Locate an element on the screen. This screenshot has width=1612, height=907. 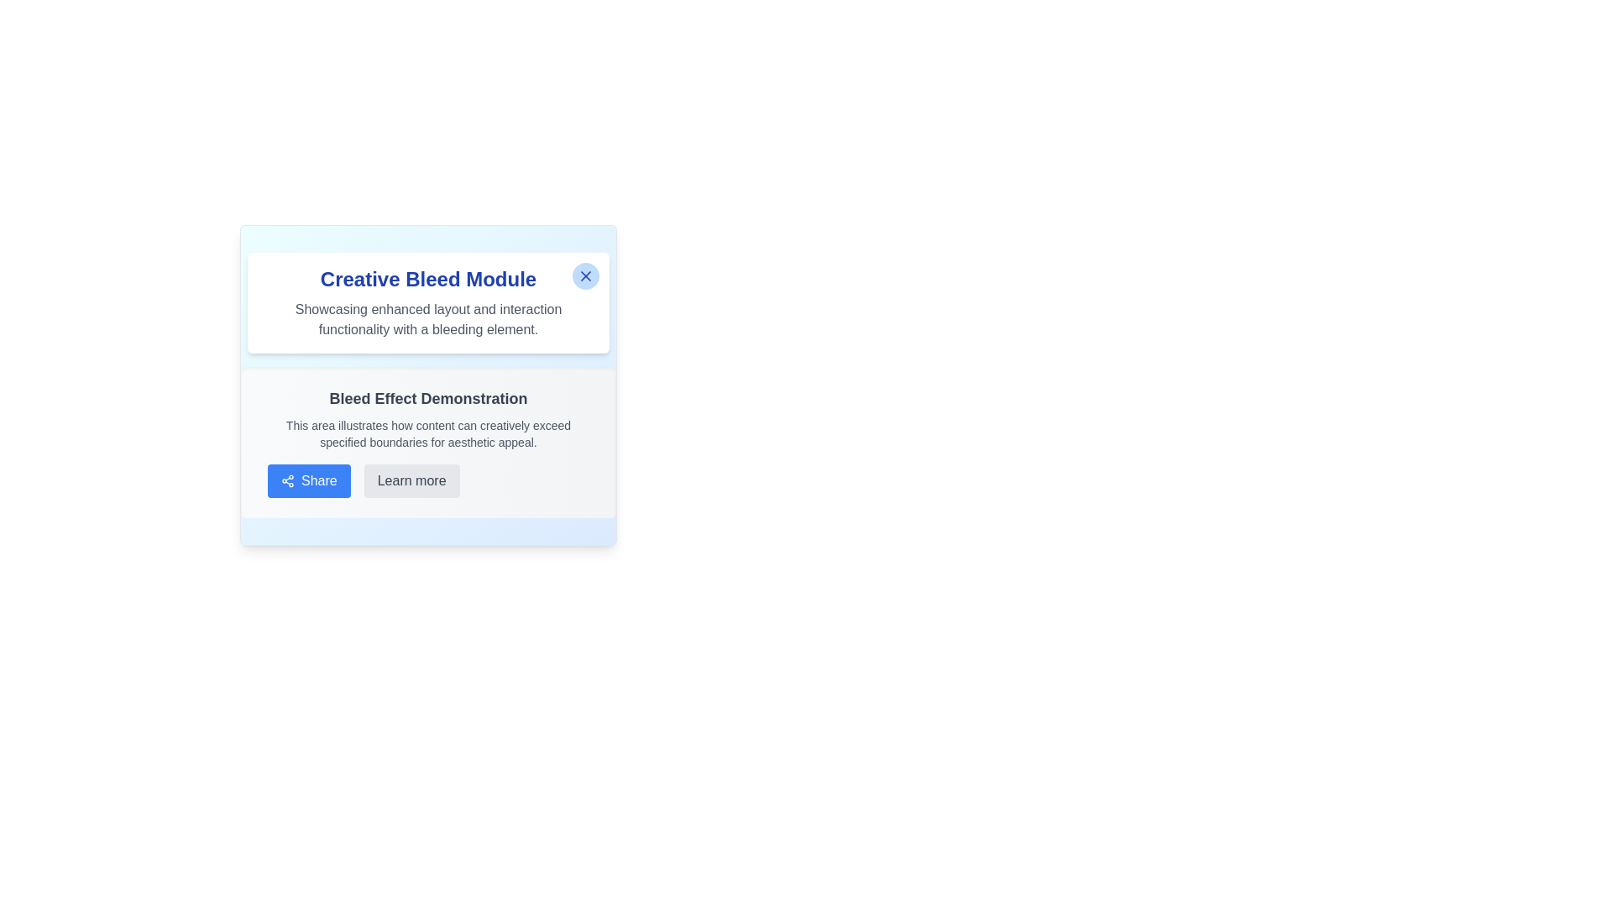
the 'Share' button, which is a blue button located at the bottom-left corner of a card-like structure, to initiate sharing functionality is located at coordinates (287, 481).